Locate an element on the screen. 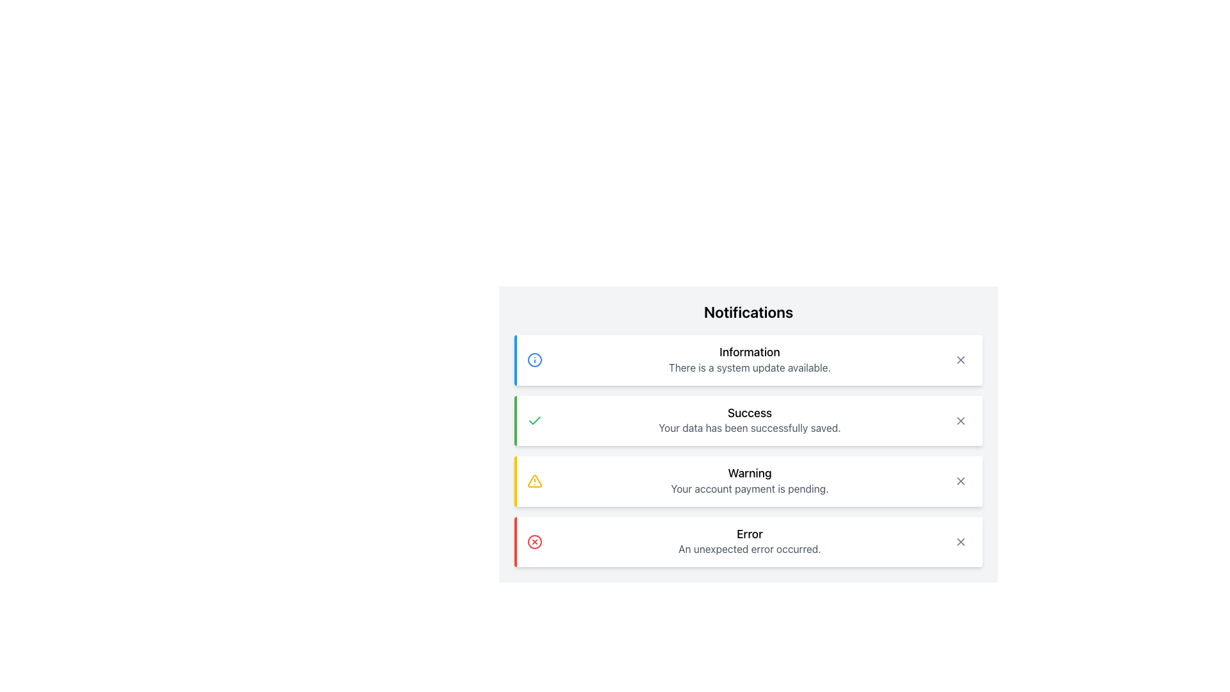  informational text label located in the 'Information' notification box, which provides details about the availability of a system update is located at coordinates (750, 367).